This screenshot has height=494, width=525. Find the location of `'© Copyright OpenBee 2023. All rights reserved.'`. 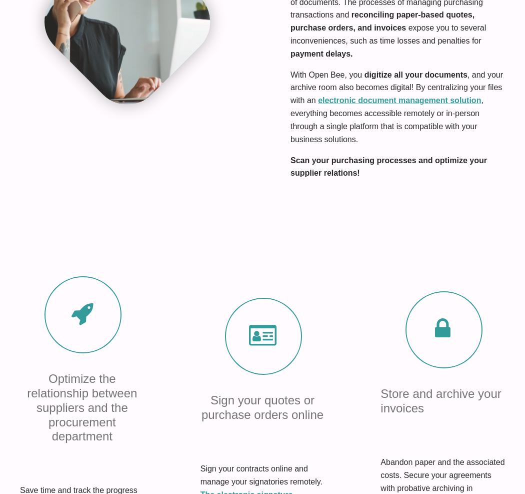

'© Copyright OpenBee 2023. All rights reserved.' is located at coordinates (82, 459).